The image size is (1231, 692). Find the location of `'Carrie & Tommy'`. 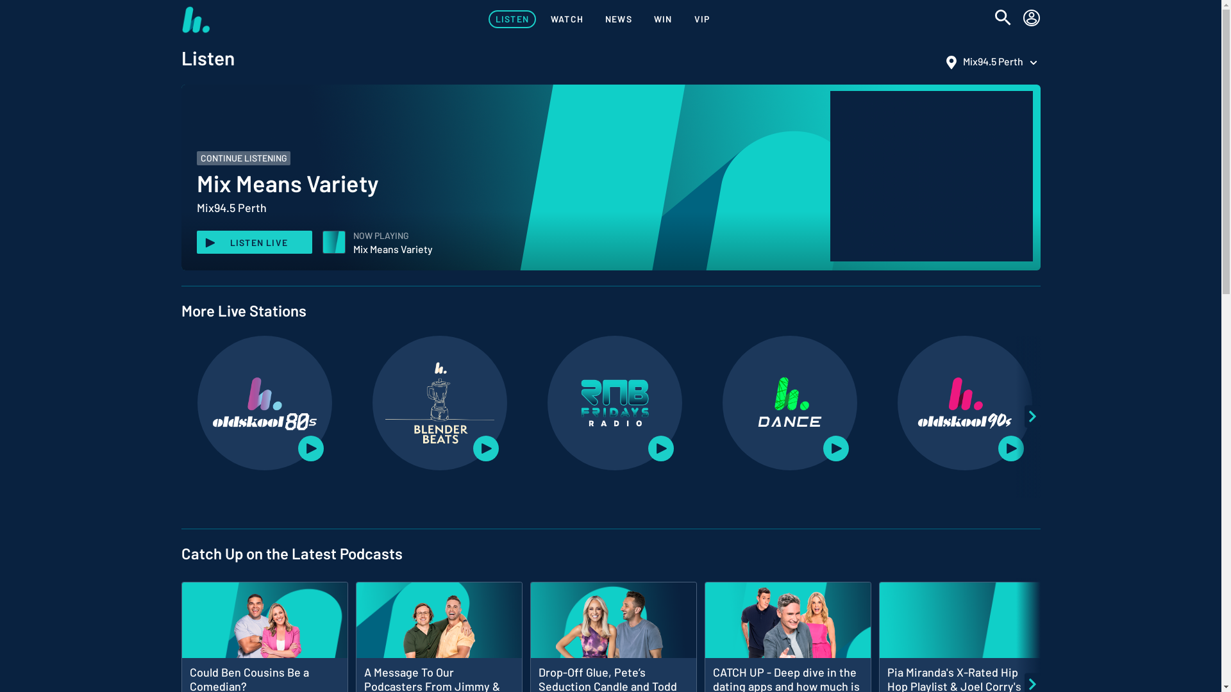

'Carrie & Tommy' is located at coordinates (612, 627).